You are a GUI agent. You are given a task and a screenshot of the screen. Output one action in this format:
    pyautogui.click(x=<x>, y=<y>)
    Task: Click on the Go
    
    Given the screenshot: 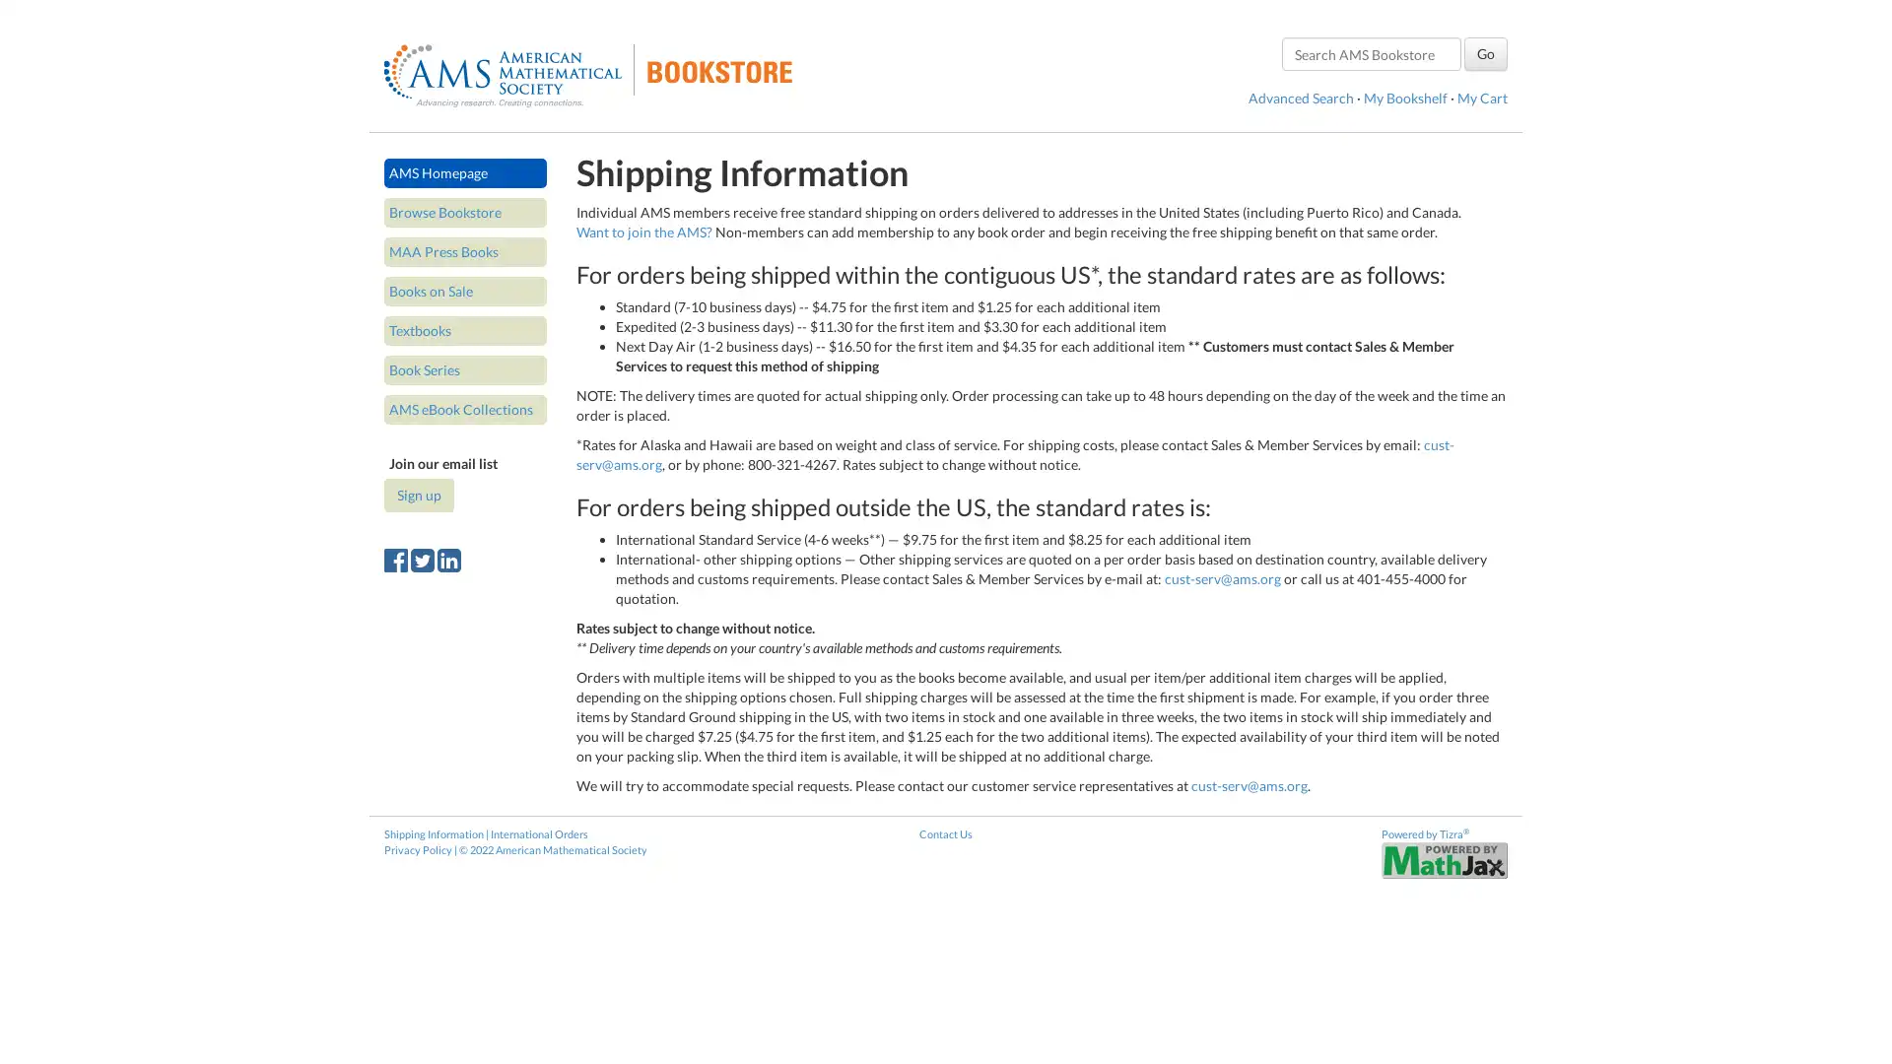 What is the action you would take?
    pyautogui.click(x=1485, y=52)
    